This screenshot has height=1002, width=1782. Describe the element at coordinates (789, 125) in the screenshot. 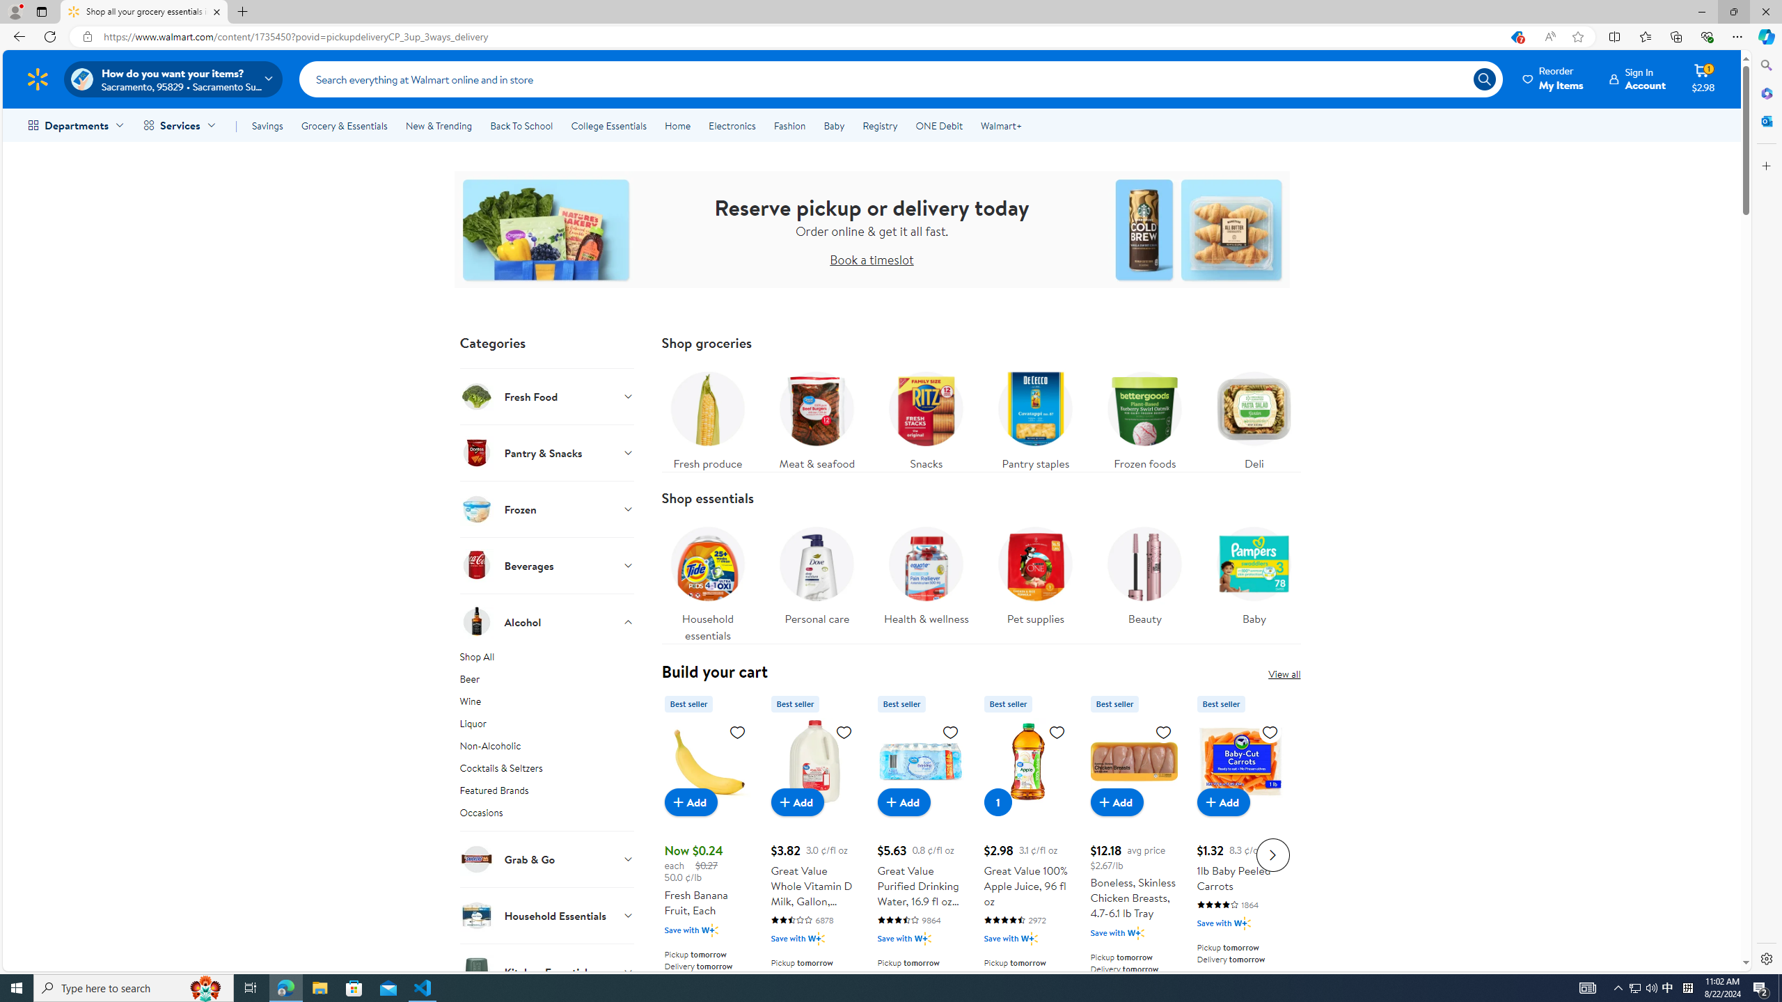

I see `'Fashion'` at that location.